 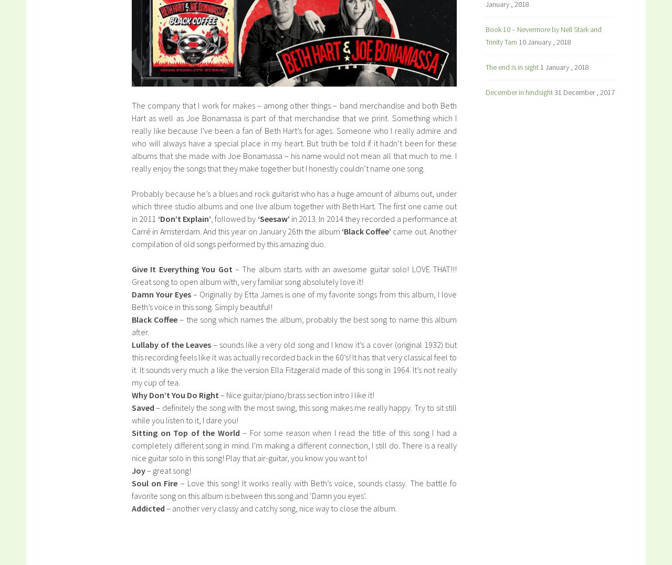 What do you see at coordinates (273, 218) in the screenshot?
I see `'‘Seesaw’'` at bounding box center [273, 218].